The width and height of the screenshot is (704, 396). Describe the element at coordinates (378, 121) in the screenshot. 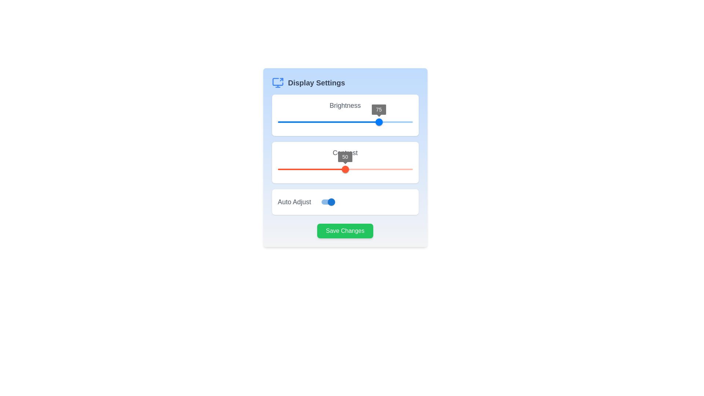

I see `the brightness` at that location.